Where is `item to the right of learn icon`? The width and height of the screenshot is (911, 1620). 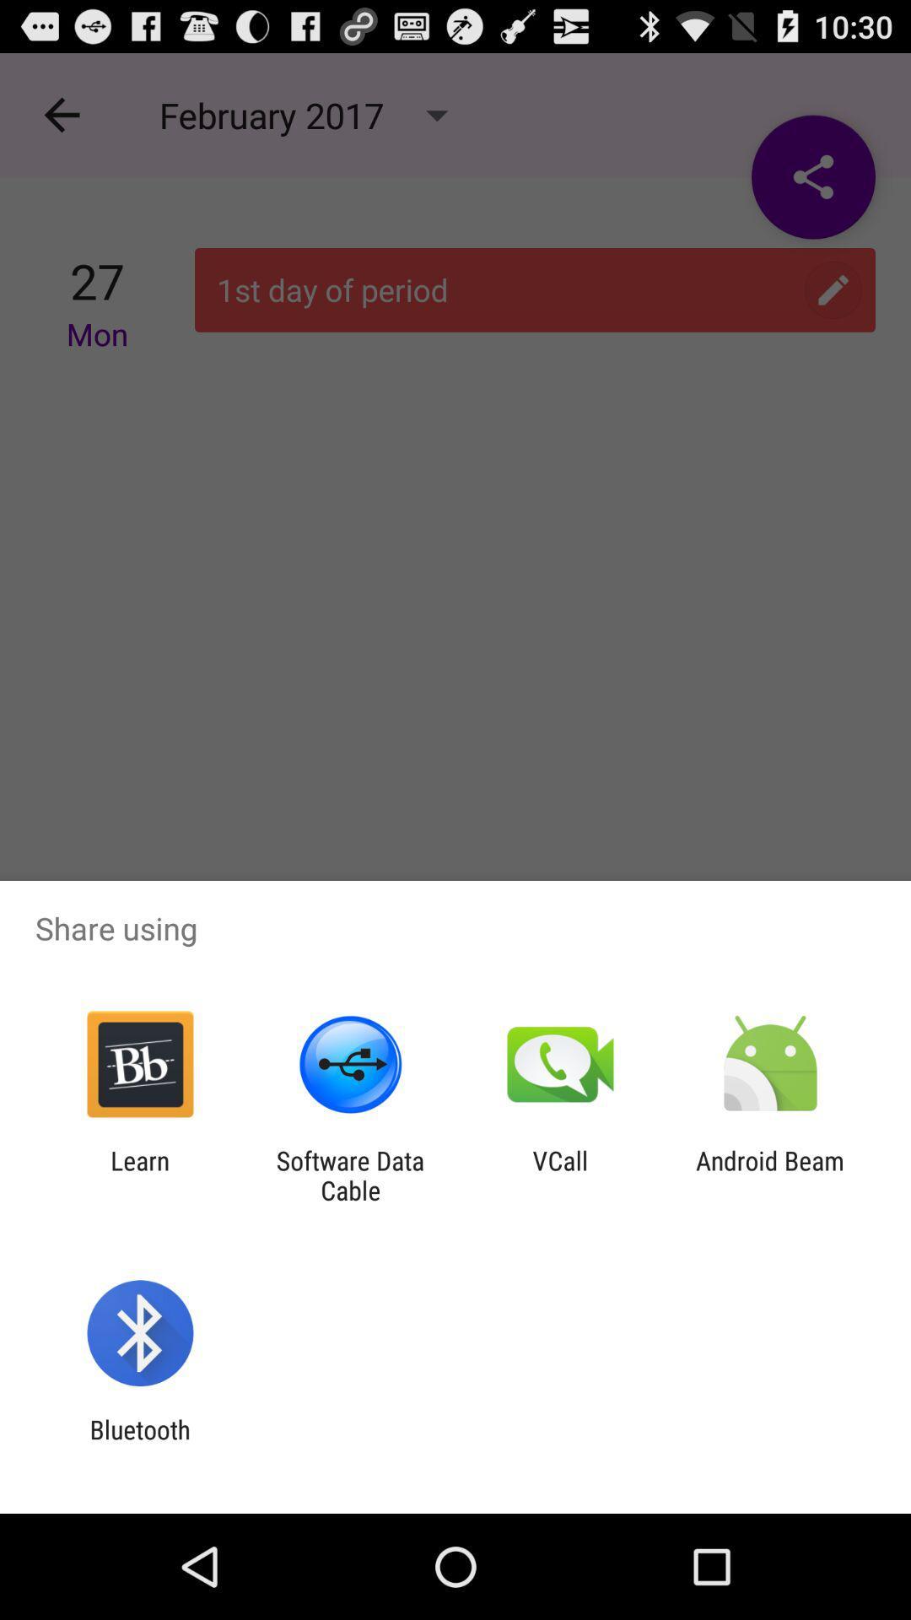
item to the right of learn icon is located at coordinates (349, 1174).